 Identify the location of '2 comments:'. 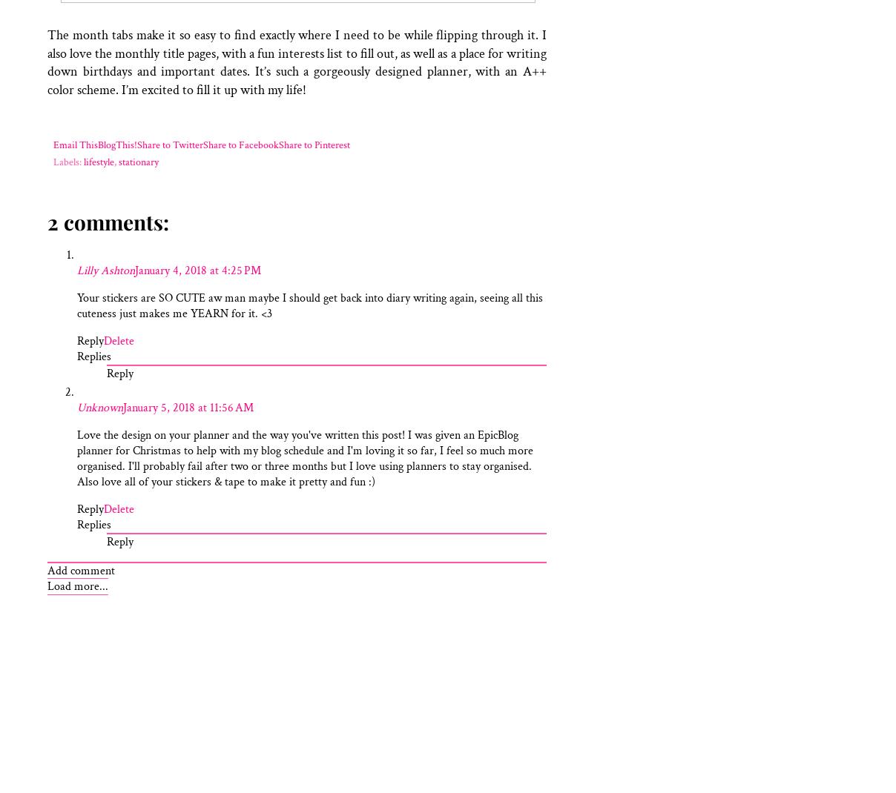
(47, 222).